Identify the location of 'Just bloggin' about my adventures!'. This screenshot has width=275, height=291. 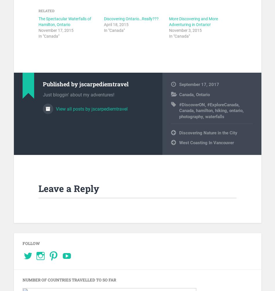
(78, 94).